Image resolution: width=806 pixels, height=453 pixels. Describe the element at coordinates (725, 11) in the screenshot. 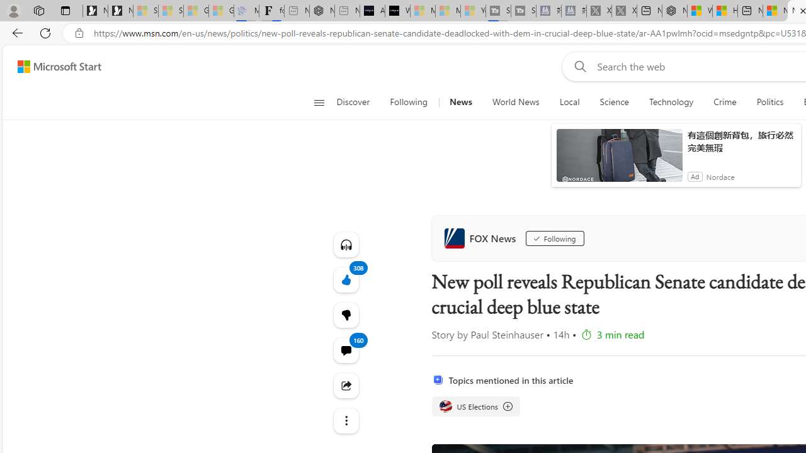

I see `'Huge shark washes ashore at New York City beach | Watch'` at that location.